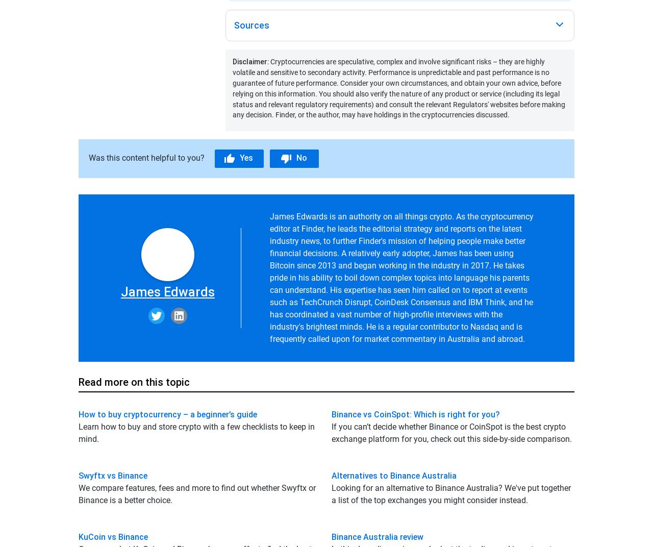 This screenshot has width=653, height=547. Describe the element at coordinates (450, 493) in the screenshot. I see `'Looking for an alternative to Binance Australia? We've put together a list of the top exchanges you might consider instead.'` at that location.